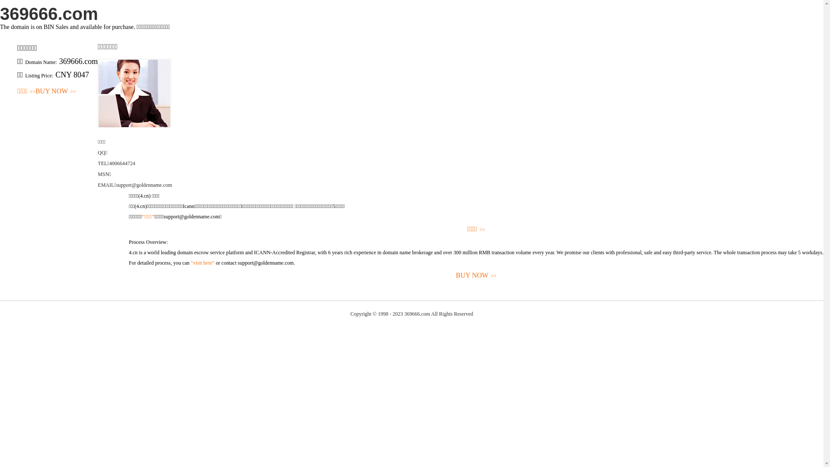 This screenshot has width=830, height=467. What do you see at coordinates (476, 275) in the screenshot?
I see `'BUY NOW>>'` at bounding box center [476, 275].